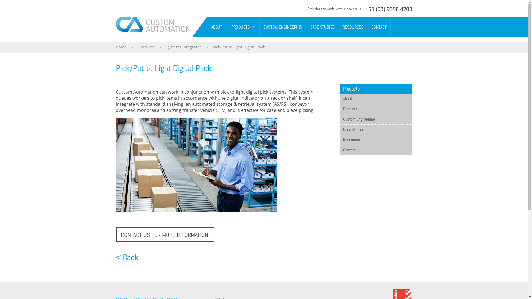  Describe the element at coordinates (282, 27) in the screenshot. I see `'CUSTOM ENGINEERING'` at that location.